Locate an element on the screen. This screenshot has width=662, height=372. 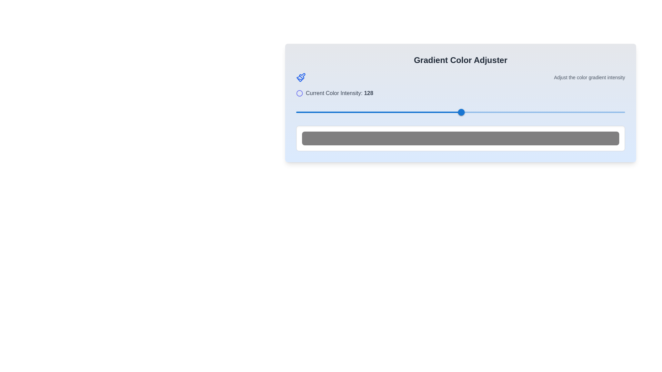
the blue paintbrush icon located at the leftmost side of the top section, which is the first element in the 'Adjust the color gradient intensity' group is located at coordinates (301, 77).